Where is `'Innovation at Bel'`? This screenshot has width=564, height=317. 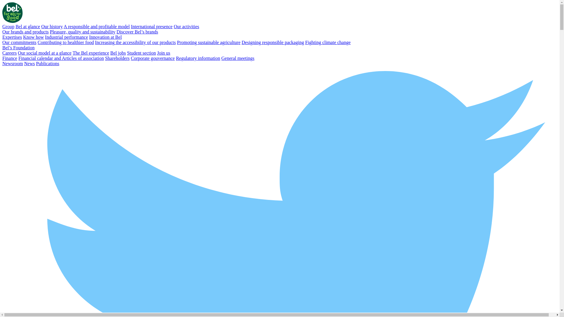
'Innovation at Bel' is located at coordinates (105, 37).